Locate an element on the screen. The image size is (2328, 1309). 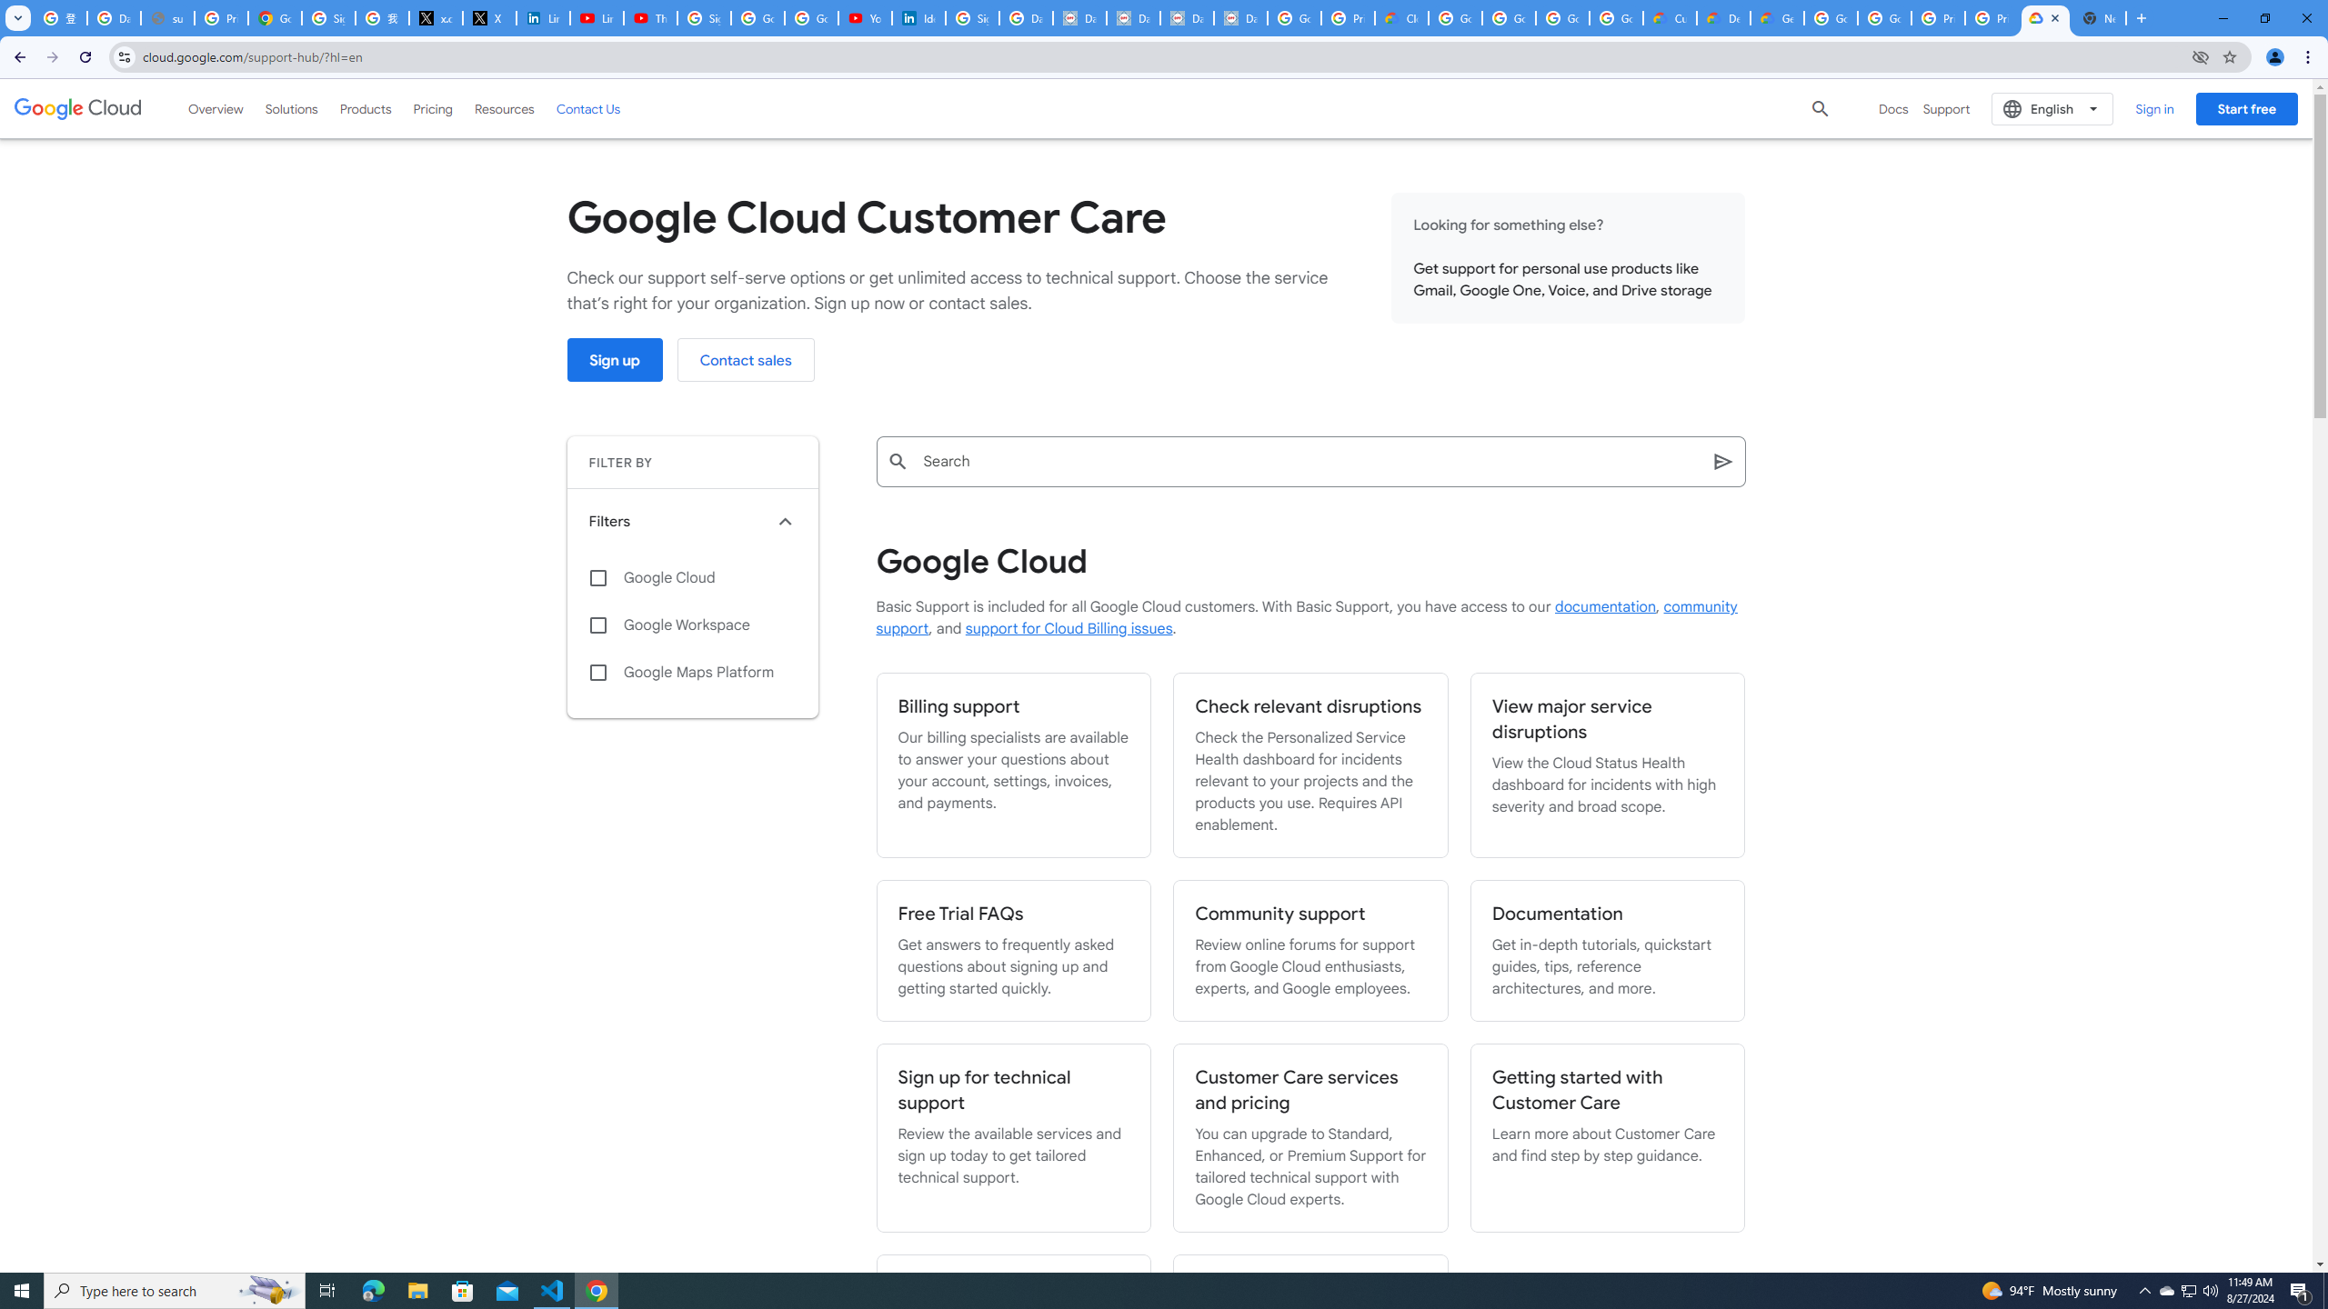
'Support' is located at coordinates (1946, 107).